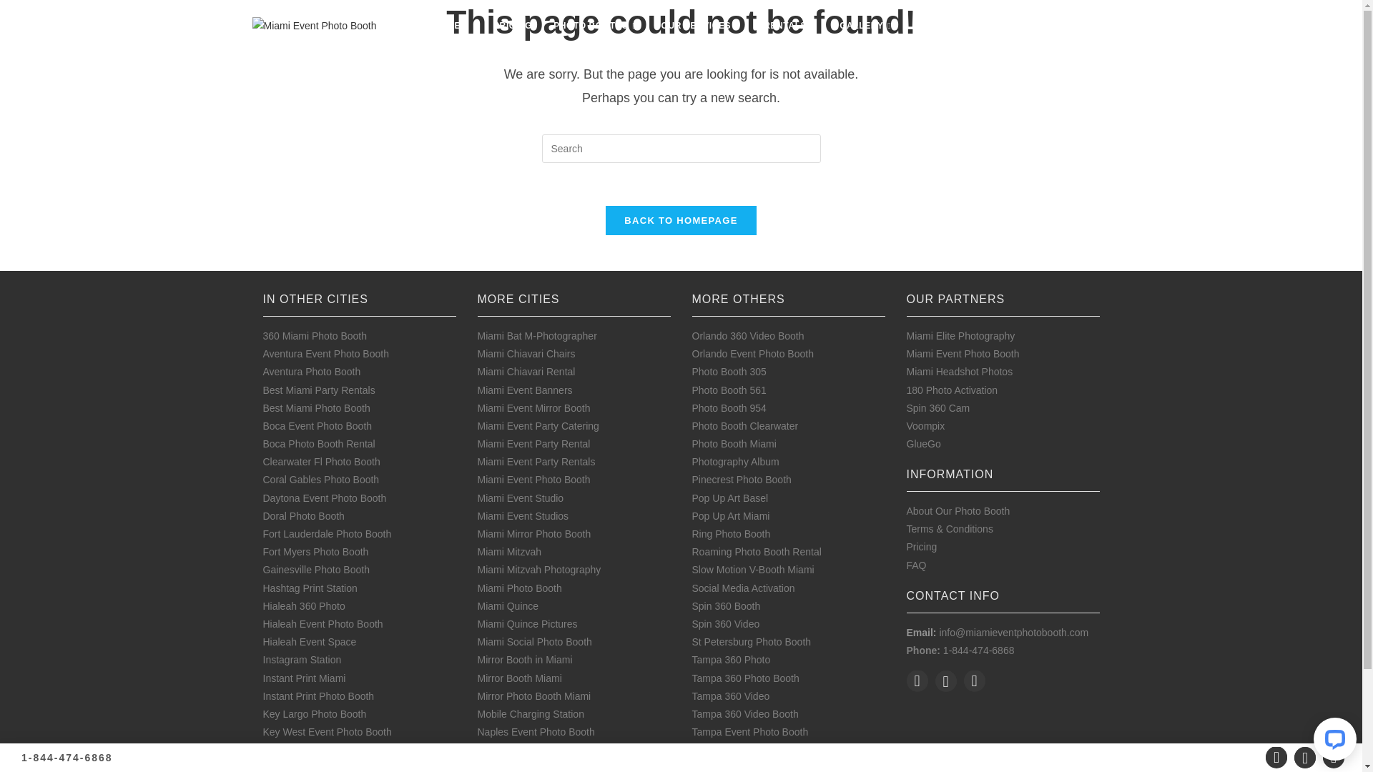  I want to click on 'Photo Booth Miami', so click(734, 443).